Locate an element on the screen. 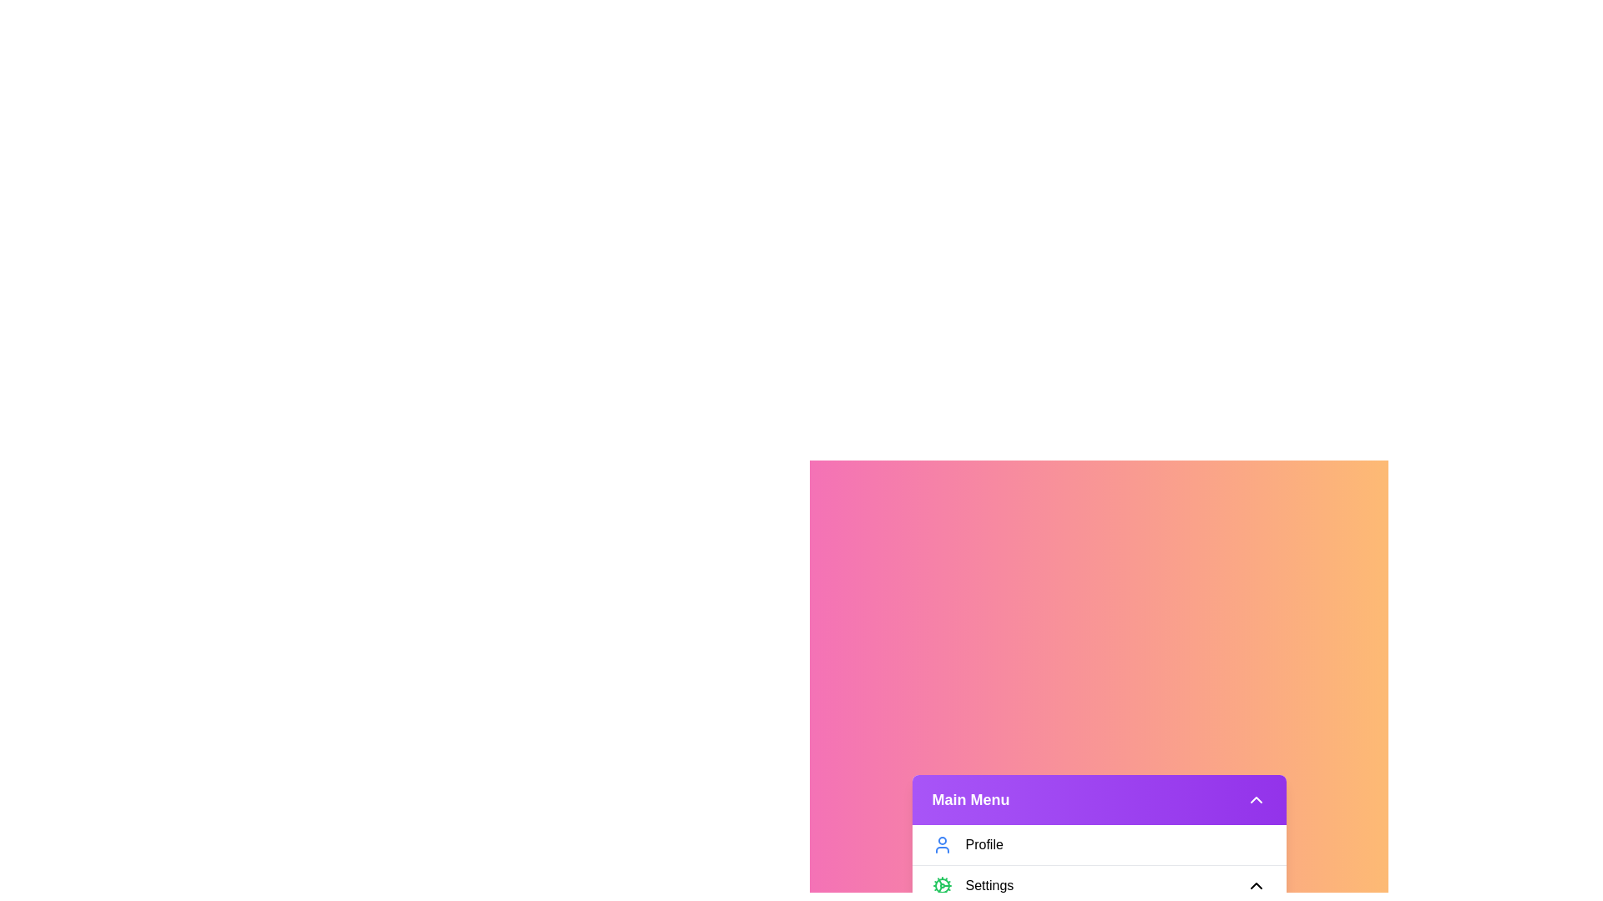 This screenshot has height=901, width=1603. the outermost circular component of the cogwheel icon in the 'Settings' section of the dropdown menu located at the bottom-right corner of the user interface, if it is interactive is located at coordinates (942, 884).